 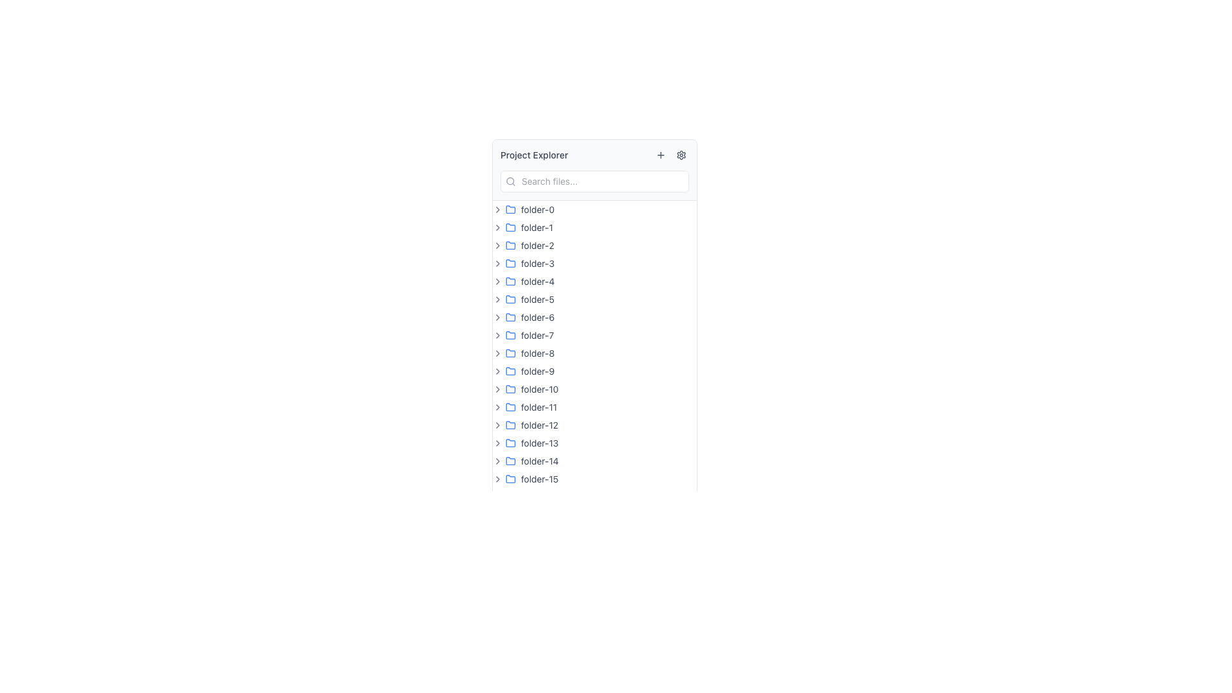 What do you see at coordinates (538, 317) in the screenshot?
I see `the text label denoting the folder named 'folder-6'` at bounding box center [538, 317].